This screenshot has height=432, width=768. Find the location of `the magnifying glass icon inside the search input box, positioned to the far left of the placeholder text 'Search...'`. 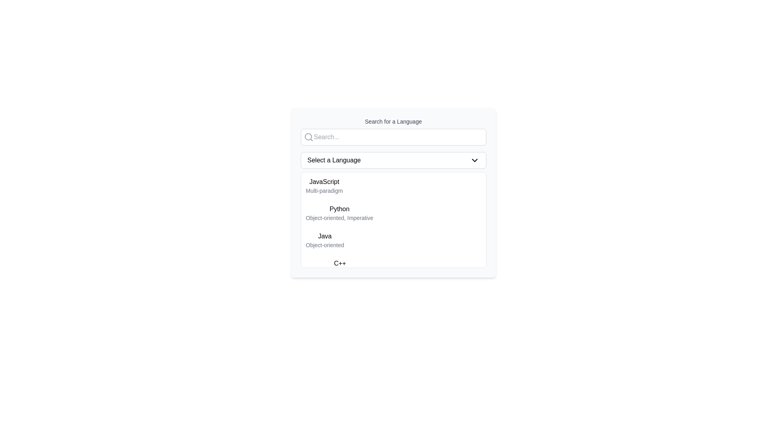

the magnifying glass icon inside the search input box, positioned to the far left of the placeholder text 'Search...' is located at coordinates (308, 137).